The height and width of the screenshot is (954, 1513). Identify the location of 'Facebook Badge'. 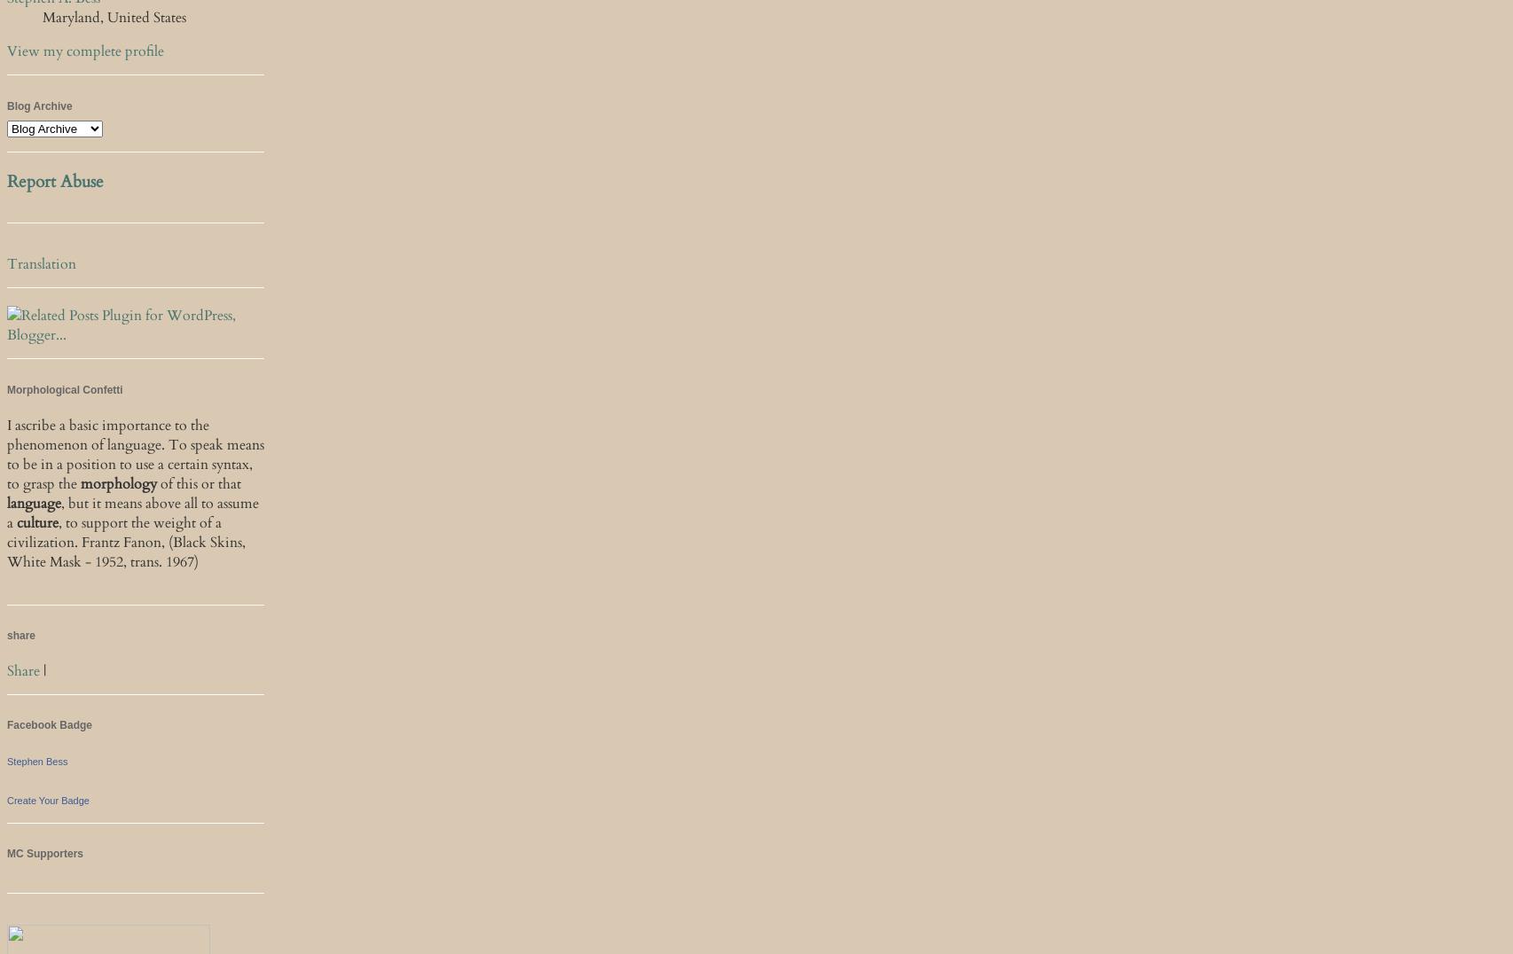
(49, 723).